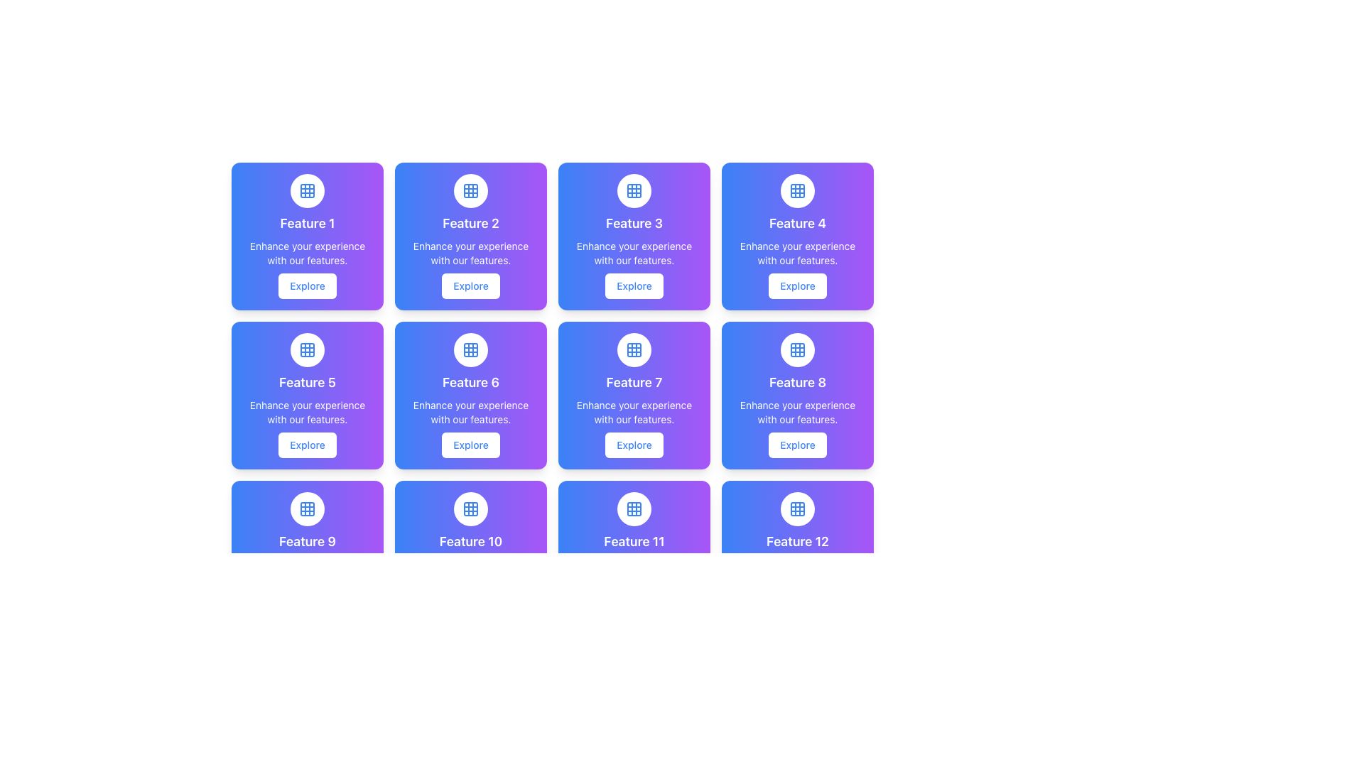 The image size is (1364, 767). What do you see at coordinates (633, 542) in the screenshot?
I see `the title header text of the card component located in the sixth row and third column of the grid layout, which identifies the specific feature being referred to` at bounding box center [633, 542].